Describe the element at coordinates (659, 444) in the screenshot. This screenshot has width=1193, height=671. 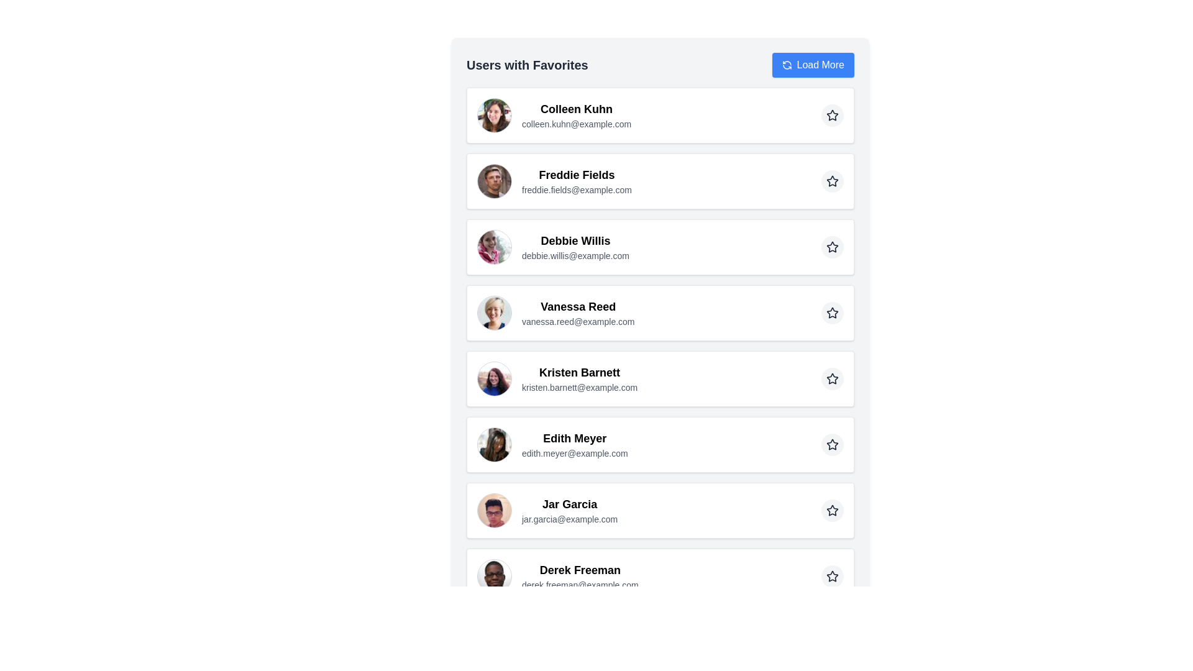
I see `the user card displaying a user's information, which is the 6th card in the vertically stacked list` at that location.